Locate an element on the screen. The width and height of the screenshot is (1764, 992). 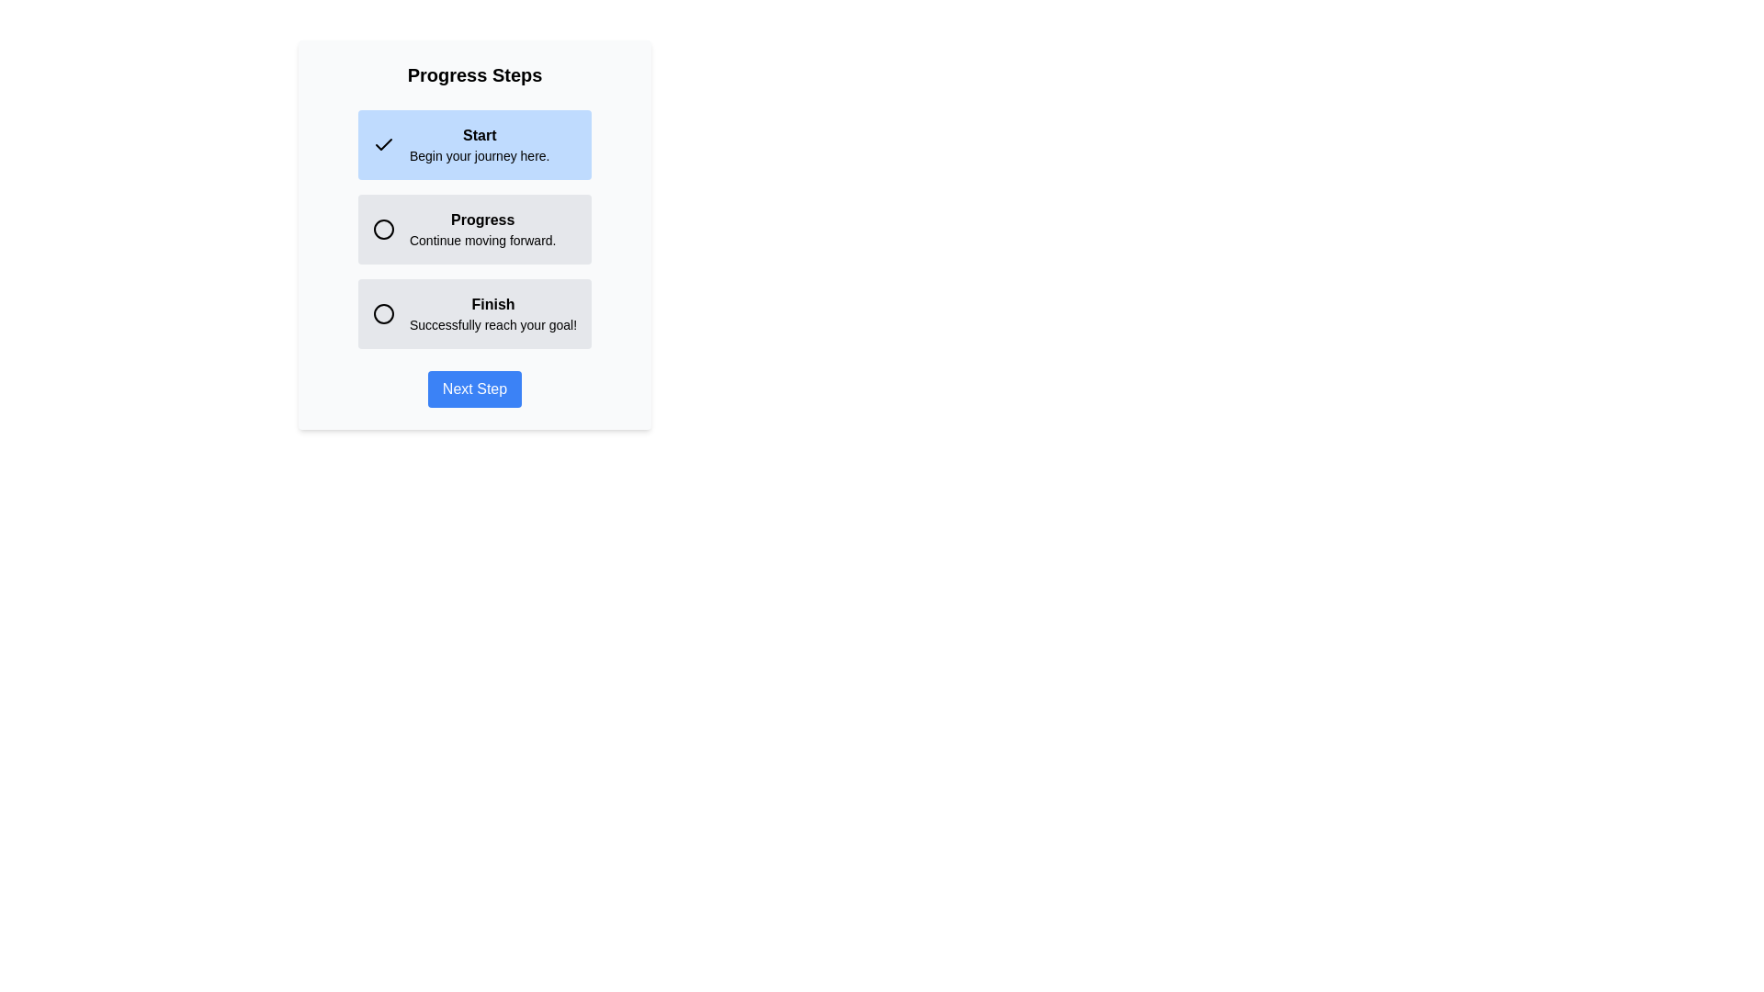
text content of the Text block indicating the current progress step titled 'Start', which includes a header and subtext is located at coordinates (480, 144).